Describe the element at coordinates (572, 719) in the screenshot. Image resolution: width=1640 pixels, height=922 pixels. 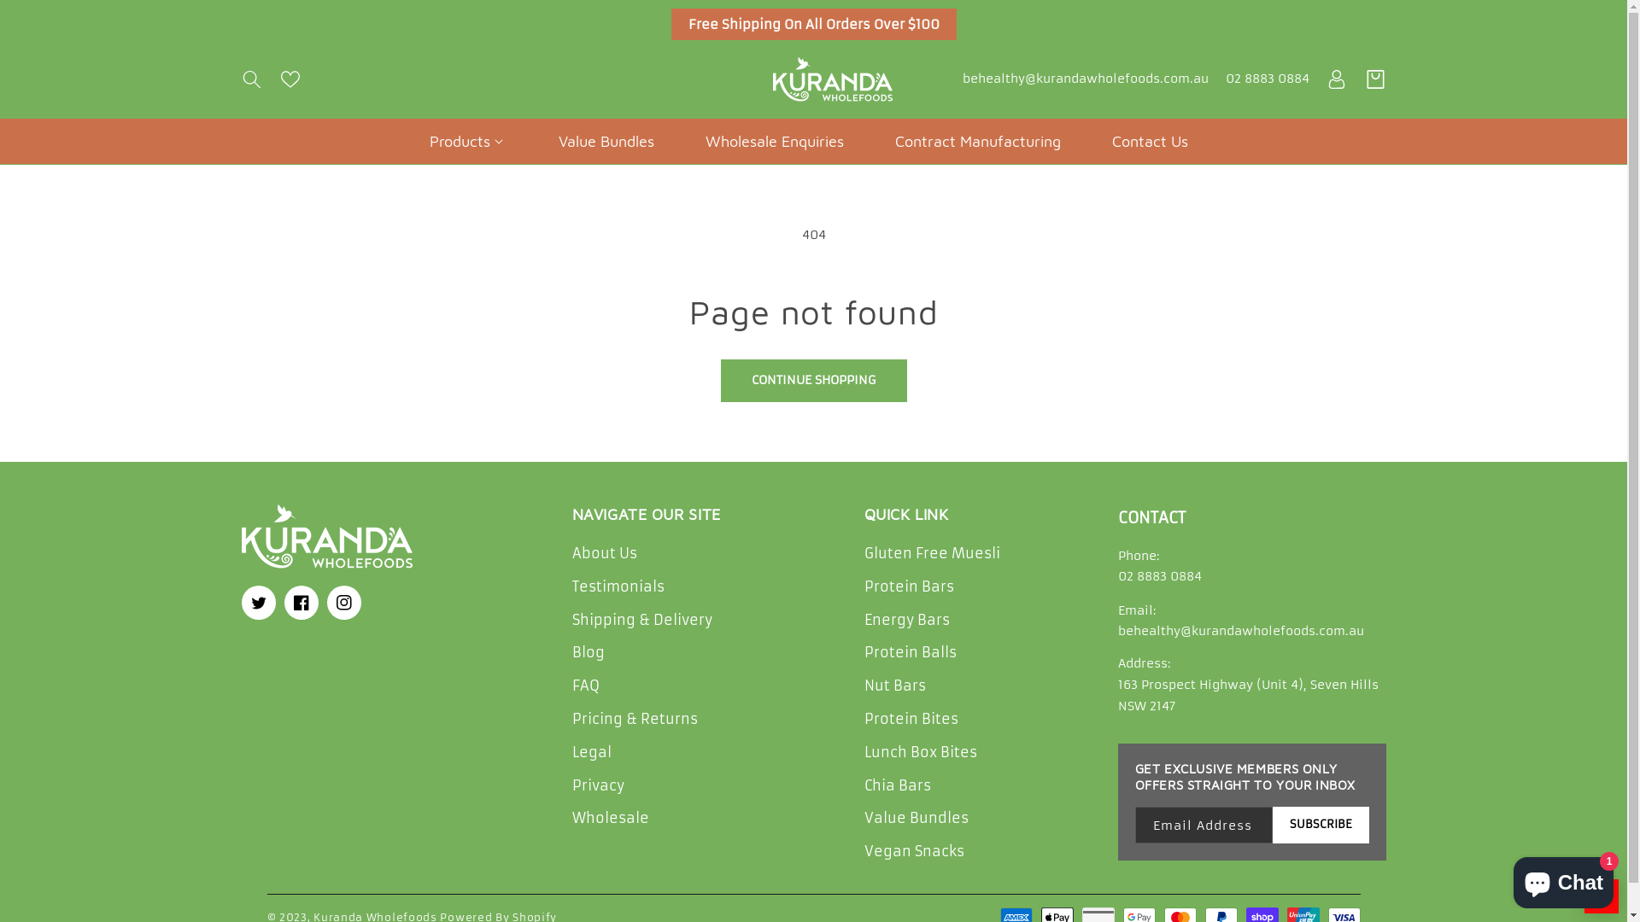
I see `'Pricing & Returns'` at that location.